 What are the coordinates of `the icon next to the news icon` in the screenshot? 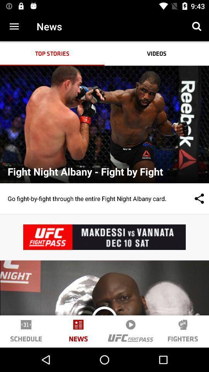 It's located at (104, 319).